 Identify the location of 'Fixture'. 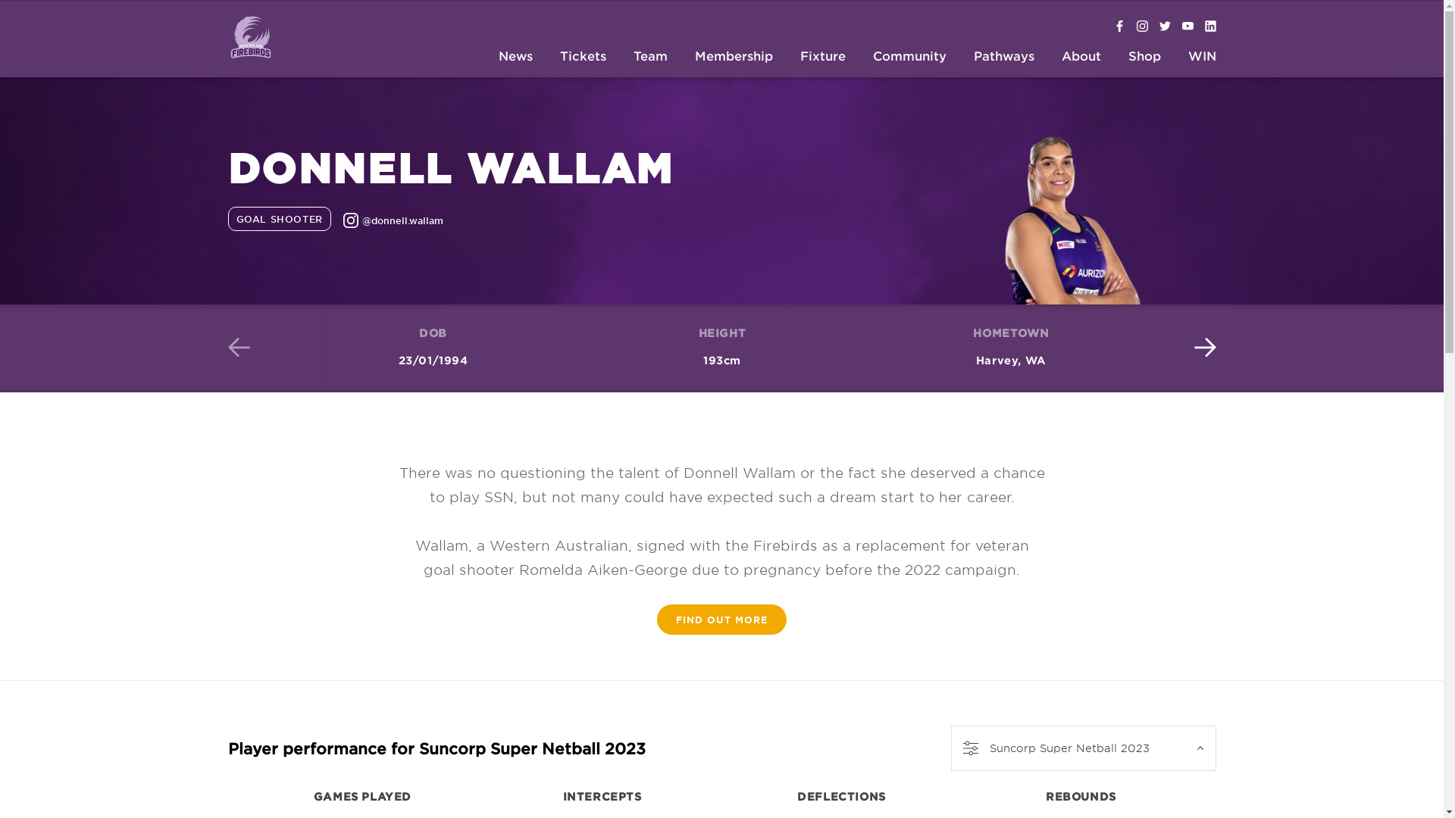
(821, 57).